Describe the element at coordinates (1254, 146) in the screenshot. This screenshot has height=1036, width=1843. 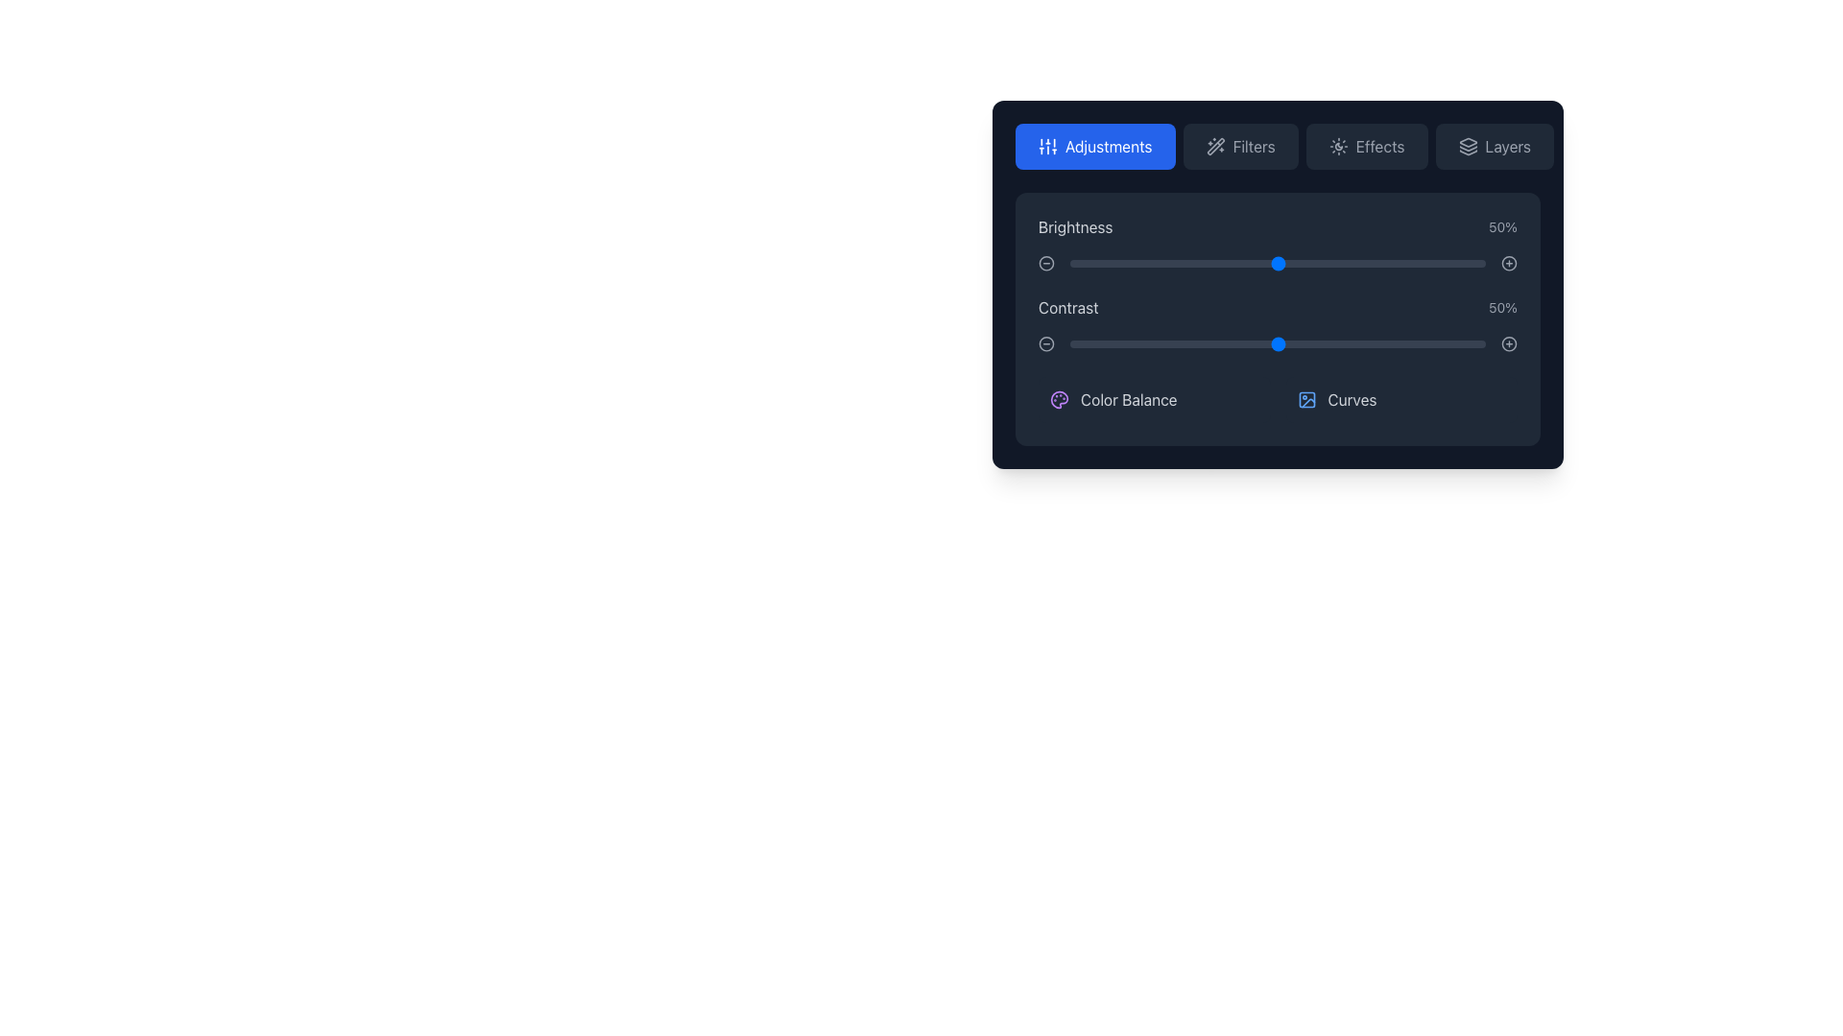
I see `the 'Filters' text label` at that location.